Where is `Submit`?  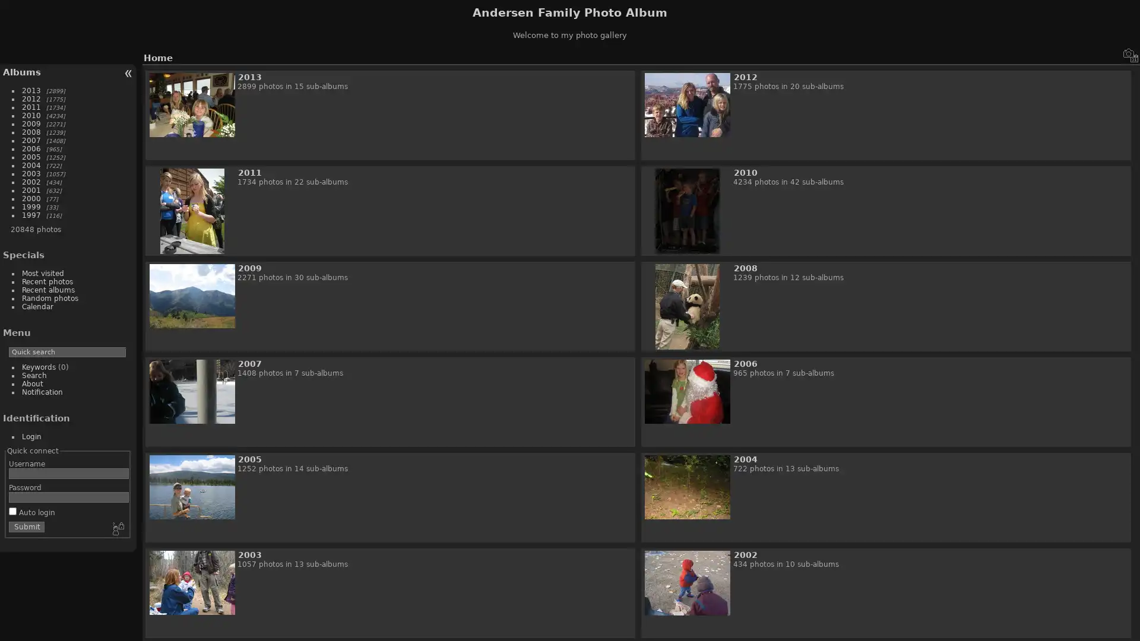
Submit is located at coordinates (26, 526).